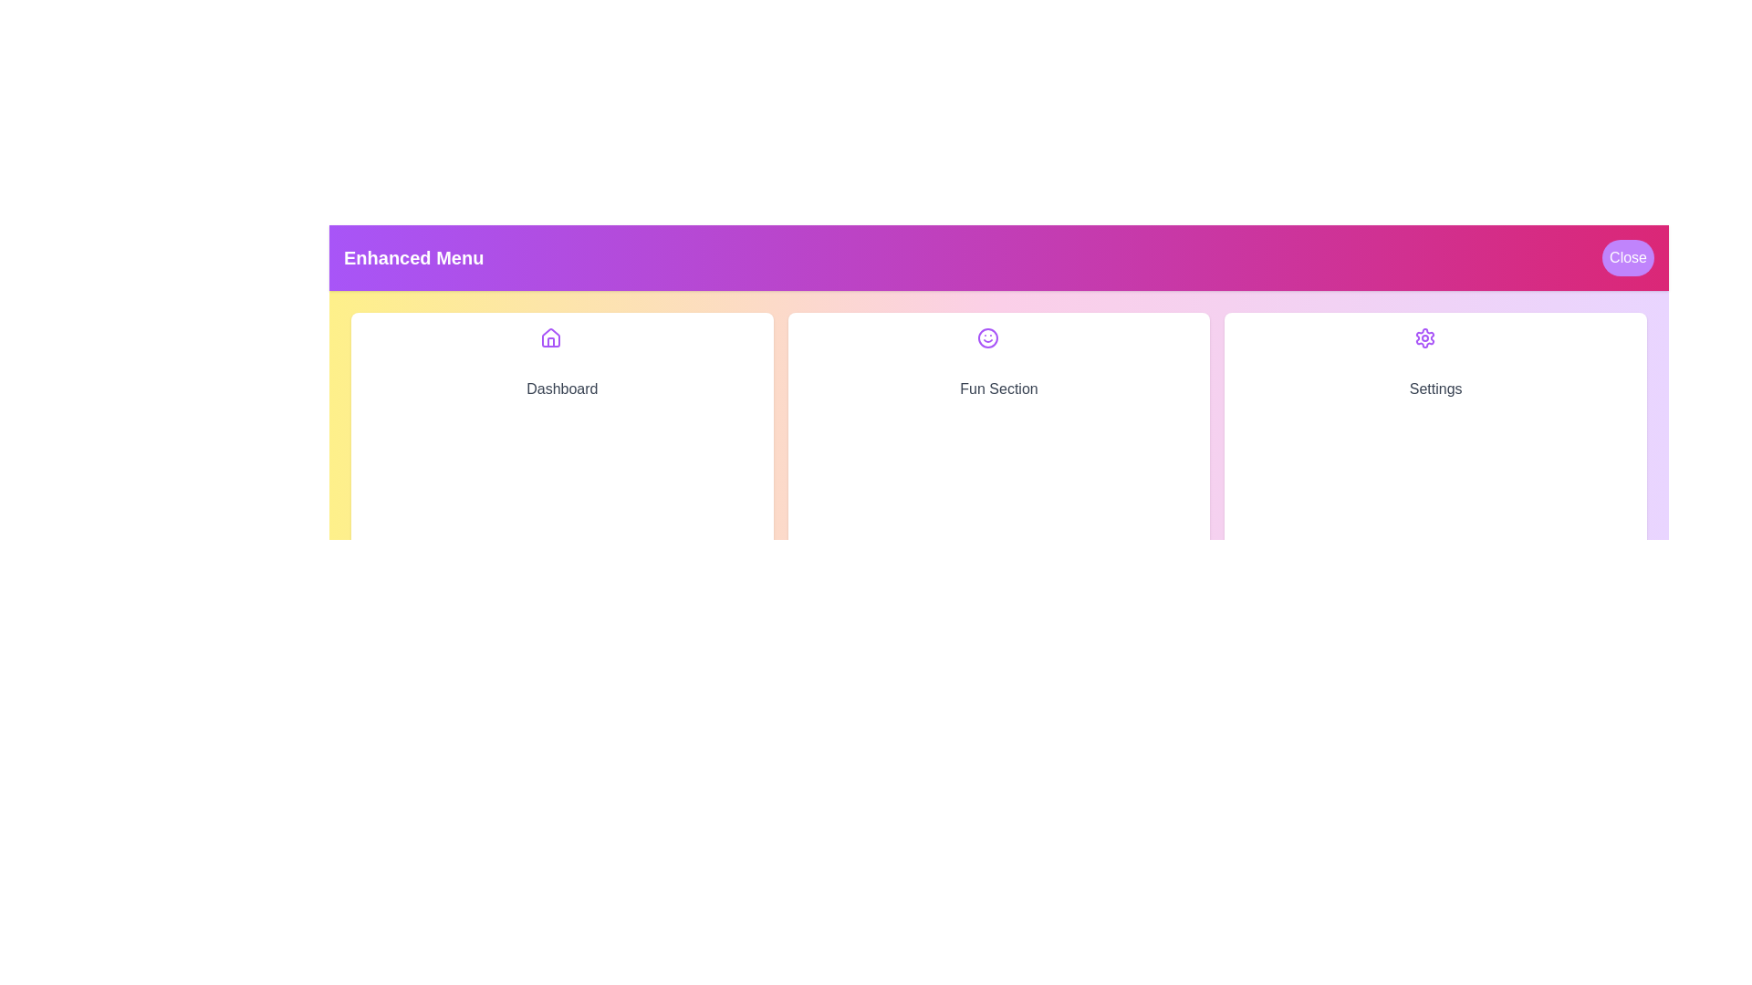 This screenshot has height=985, width=1752. What do you see at coordinates (1434, 348) in the screenshot?
I see `the icon corresponding to Settings` at bounding box center [1434, 348].